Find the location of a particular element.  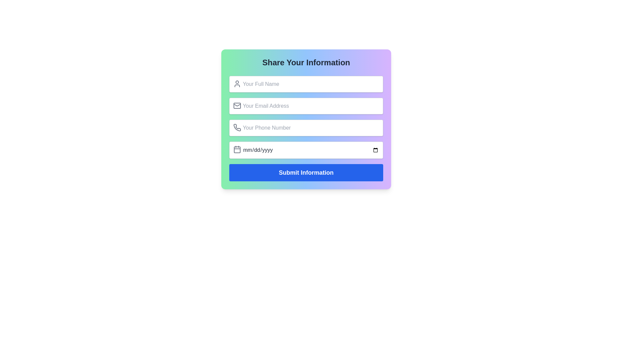

the small telephone handset icon with a gray outline located on the left side of the 'Your Phone Number' input field is located at coordinates (237, 128).